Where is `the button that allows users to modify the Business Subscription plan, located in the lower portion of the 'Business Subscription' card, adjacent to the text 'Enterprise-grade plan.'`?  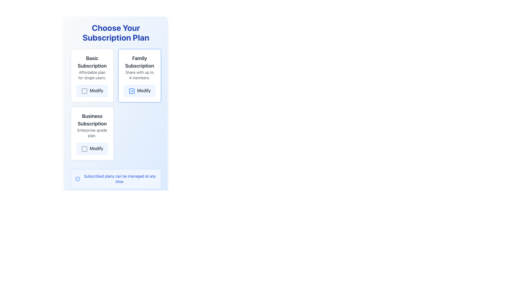
the button that allows users to modify the Business Subscription plan, located in the lower portion of the 'Business Subscription' card, adjacent to the text 'Enterprise-grade plan.' is located at coordinates (92, 148).